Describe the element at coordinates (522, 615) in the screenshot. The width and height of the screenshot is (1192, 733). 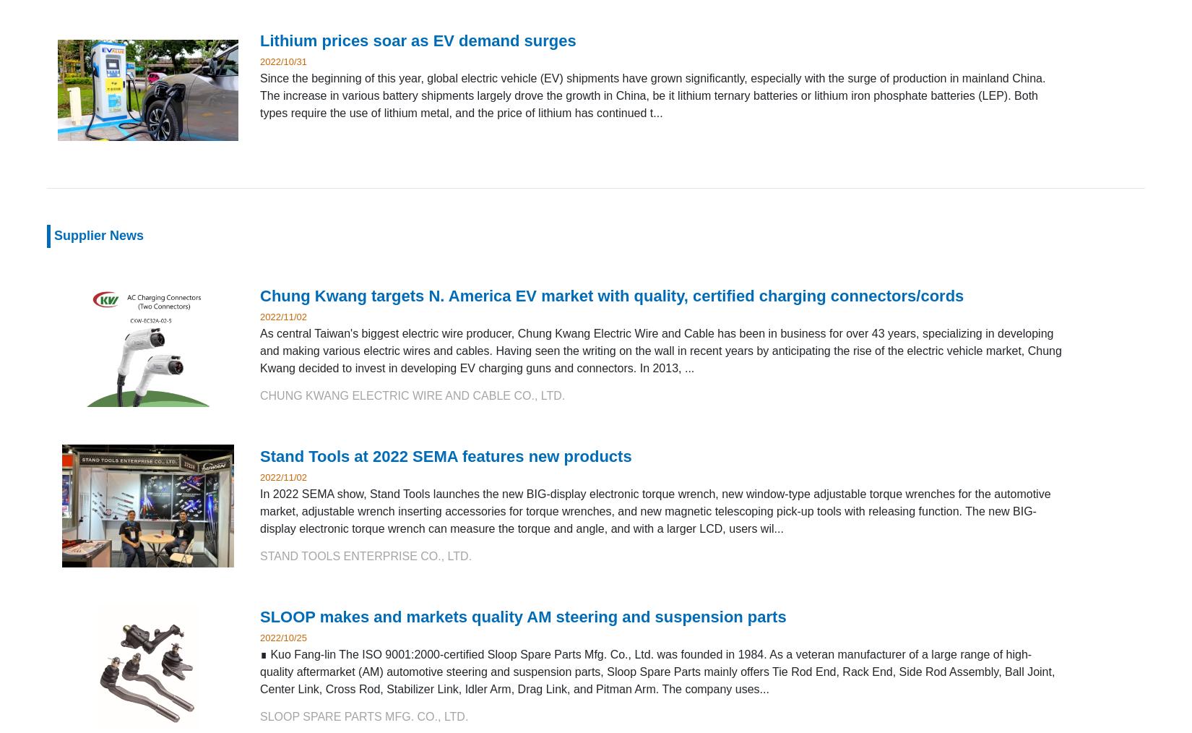
I see `'SLOOP makes and markets quality AM steering and suspension parts'` at that location.